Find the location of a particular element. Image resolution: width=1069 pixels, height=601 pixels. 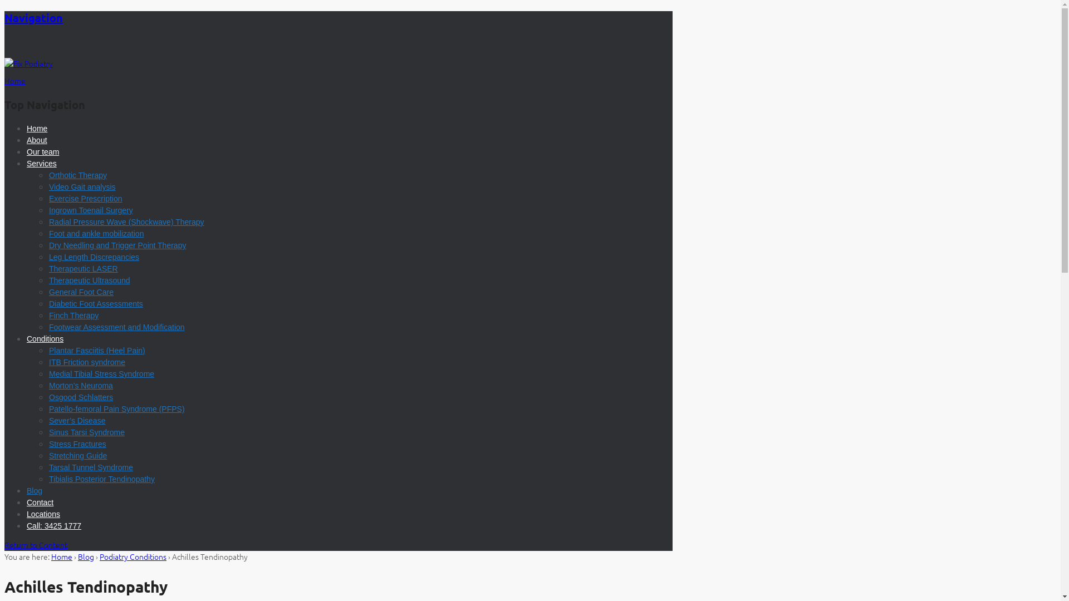

'Therapeutic Ultrasound' is located at coordinates (90, 280).